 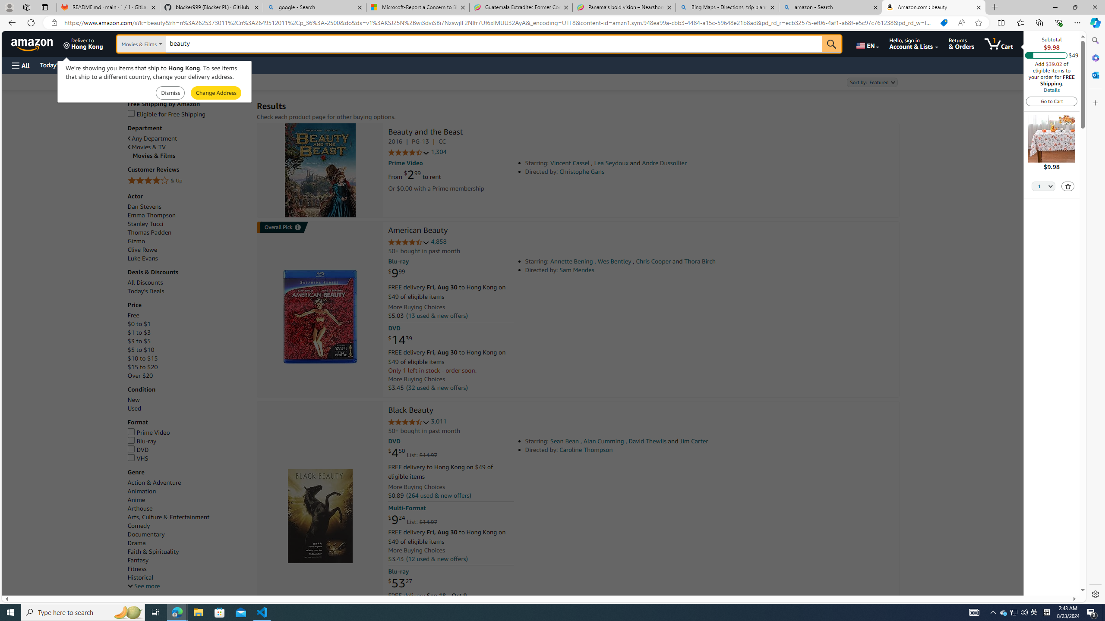 What do you see at coordinates (611, 163) in the screenshot?
I see `'Lea Seydoux'` at bounding box center [611, 163].